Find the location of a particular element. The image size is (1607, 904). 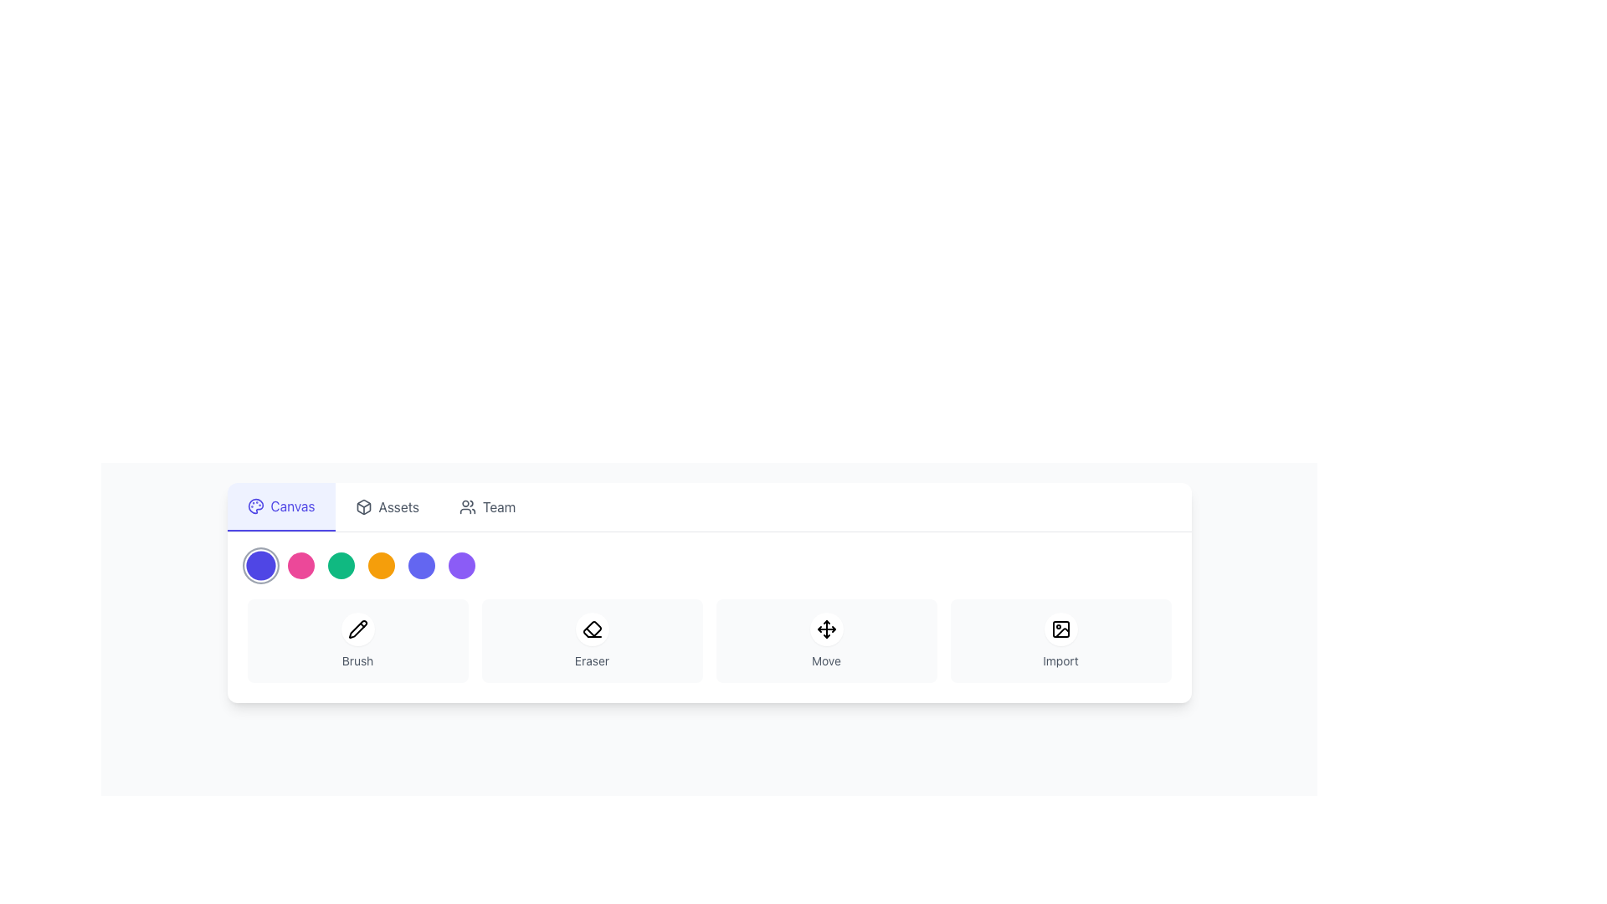

the 'Assets' tab button located in the horizontal navigation bar, which is the second button following the 'Canvas' tab is located at coordinates (386, 506).